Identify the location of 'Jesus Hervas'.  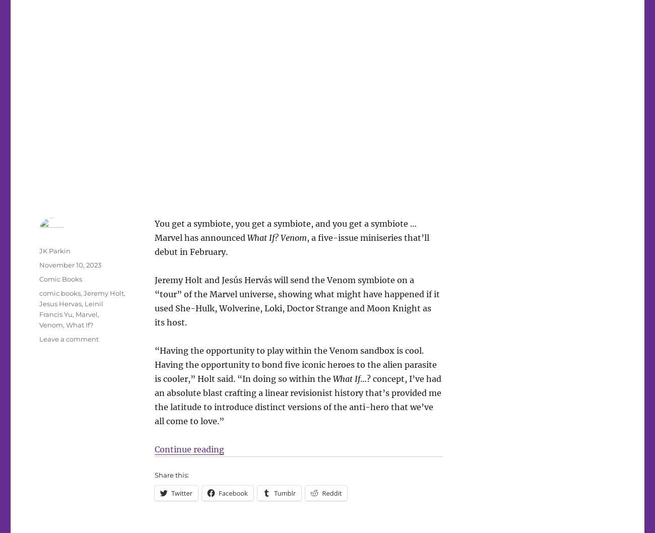
(39, 303).